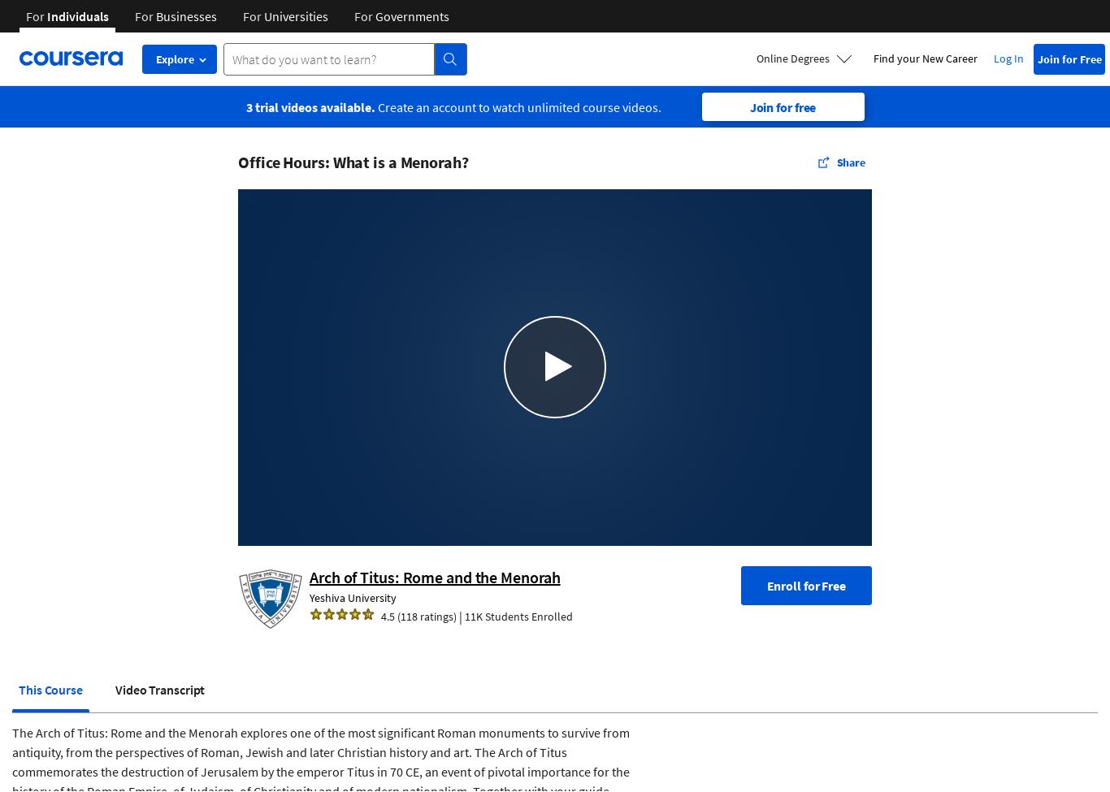 This screenshot has height=792, width=1110. What do you see at coordinates (50, 688) in the screenshot?
I see `'This Course'` at bounding box center [50, 688].